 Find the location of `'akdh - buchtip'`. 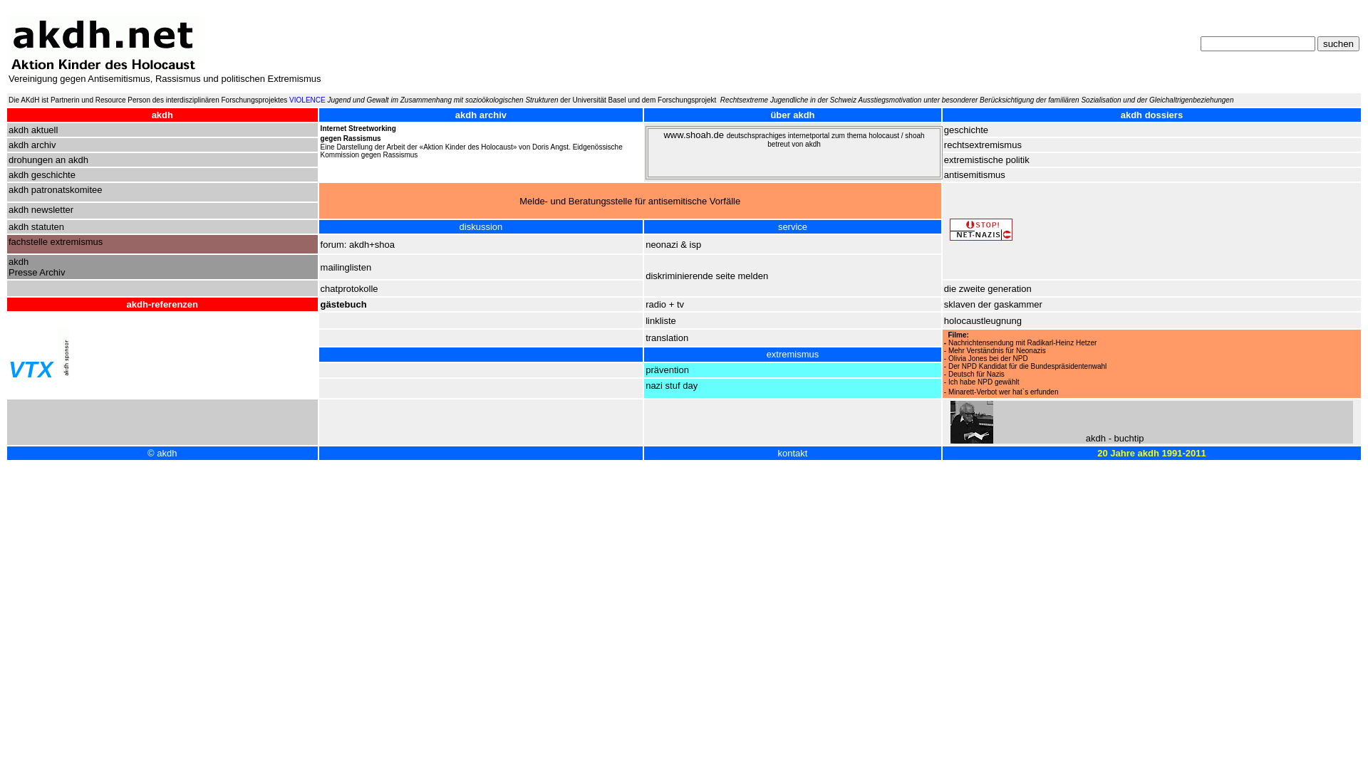

'akdh - buchtip' is located at coordinates (1084, 437).